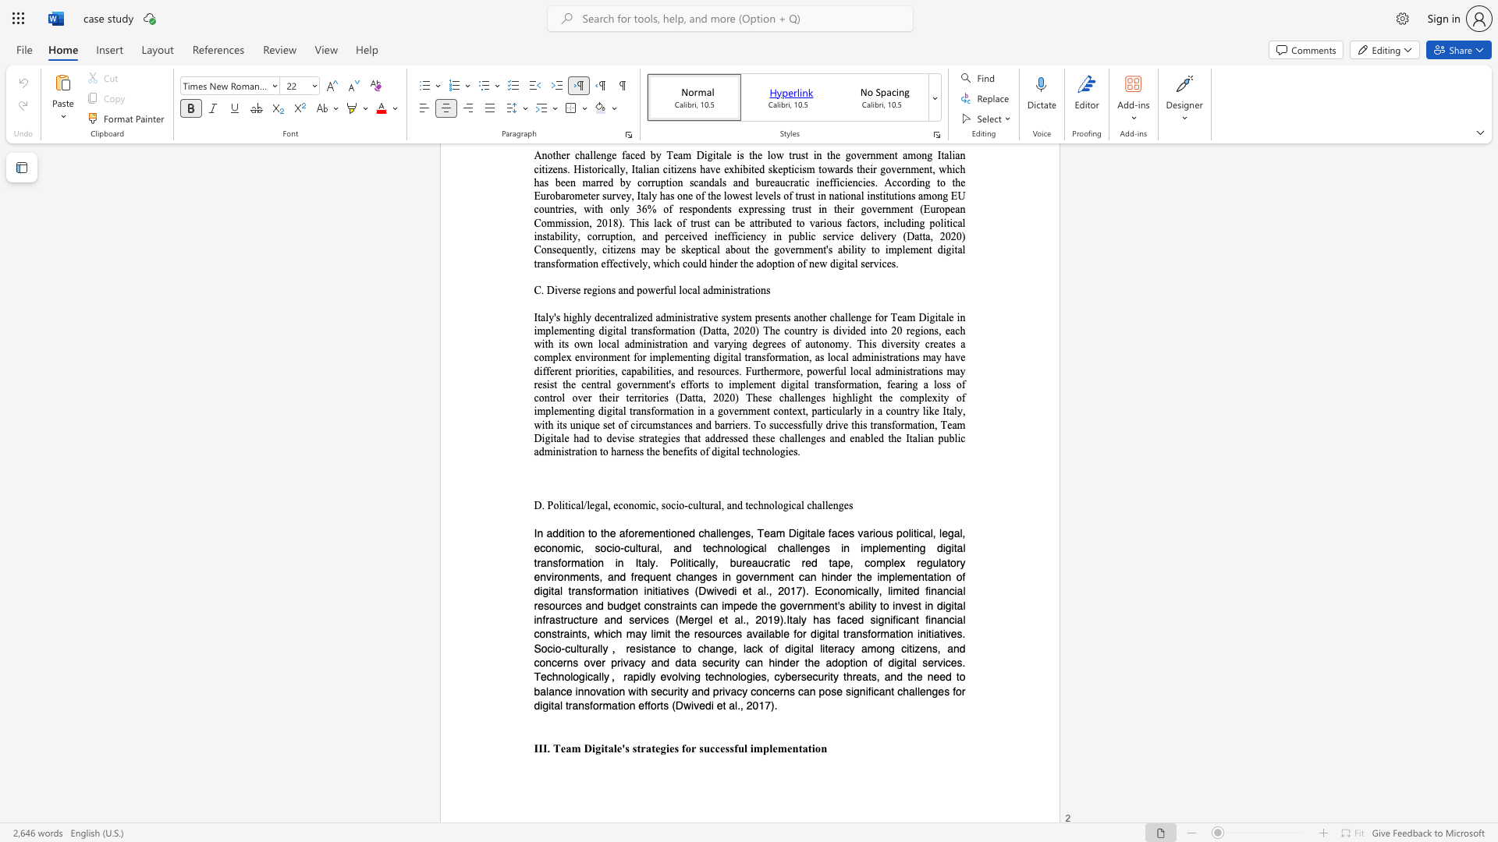 The image size is (1498, 842). I want to click on the subset text "ion" within the text "III. Team Digitale", so click(811, 747).